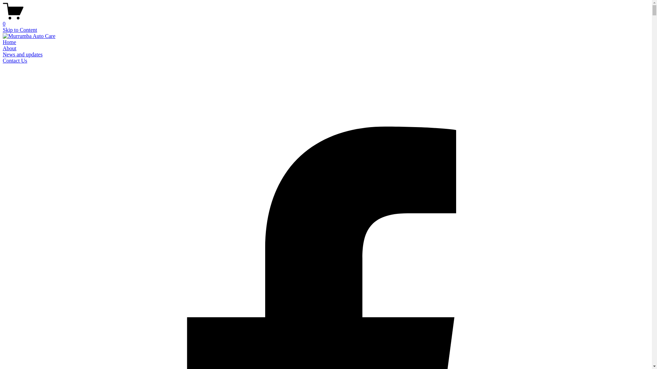 This screenshot has height=369, width=657. Describe the element at coordinates (15, 60) in the screenshot. I see `'Contact Us'` at that location.